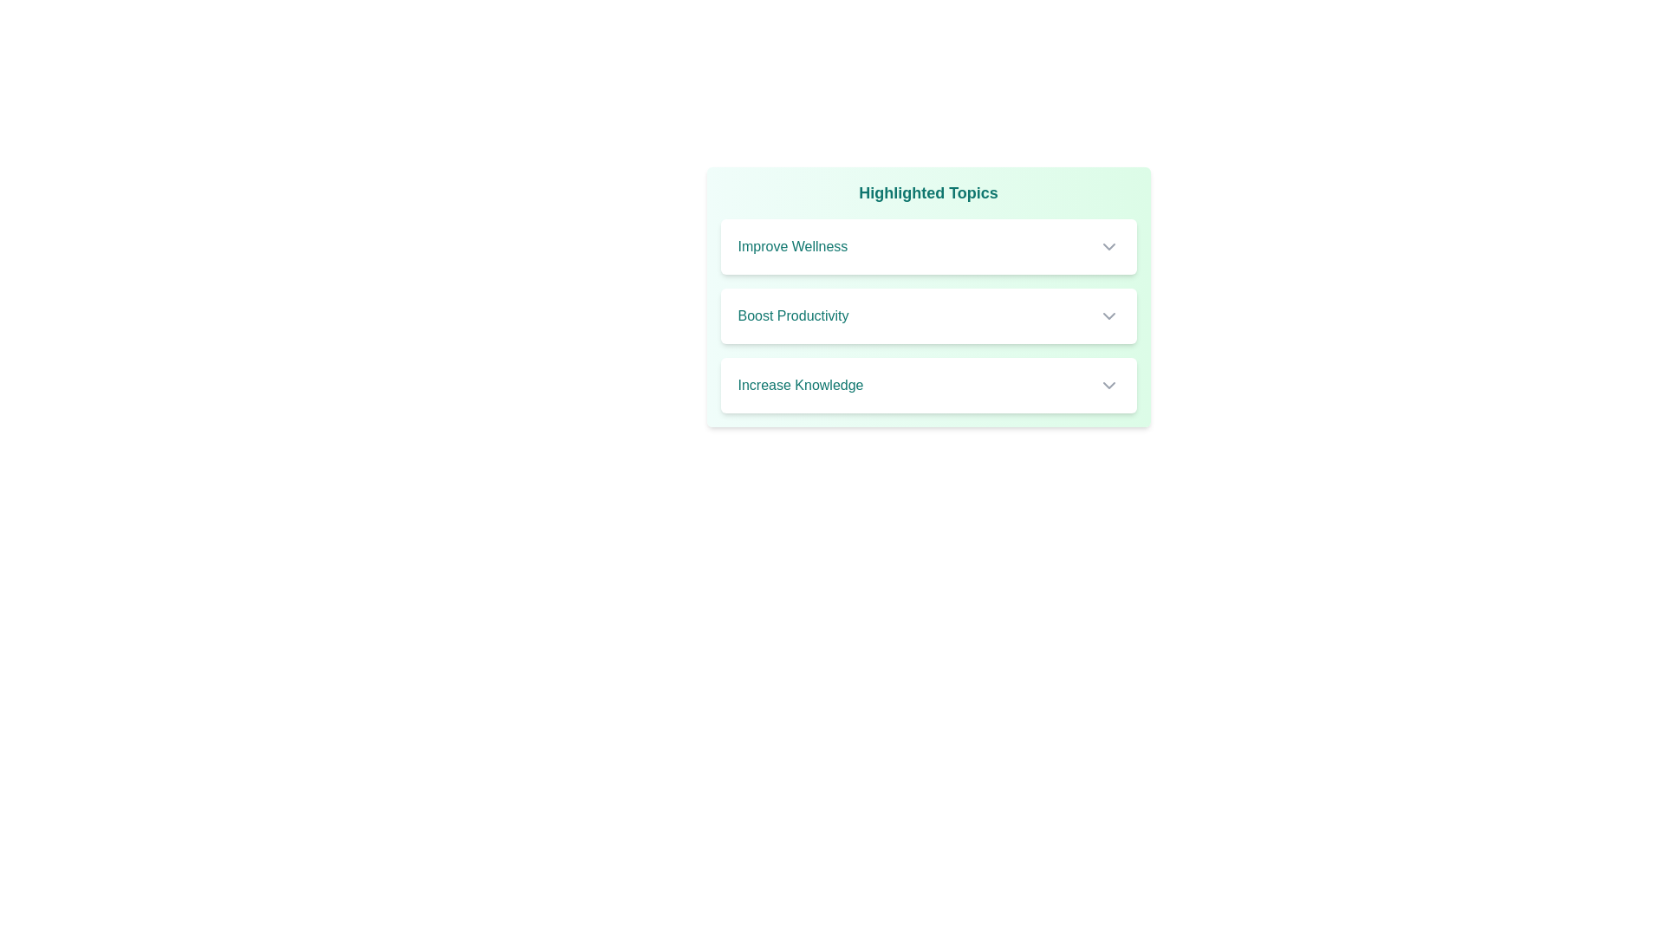 This screenshot has width=1664, height=936. I want to click on the Text Label that displays 'Increase Knowledge', which is the third item in the list within the 'Highlighted Topics' card layout, so click(799, 384).